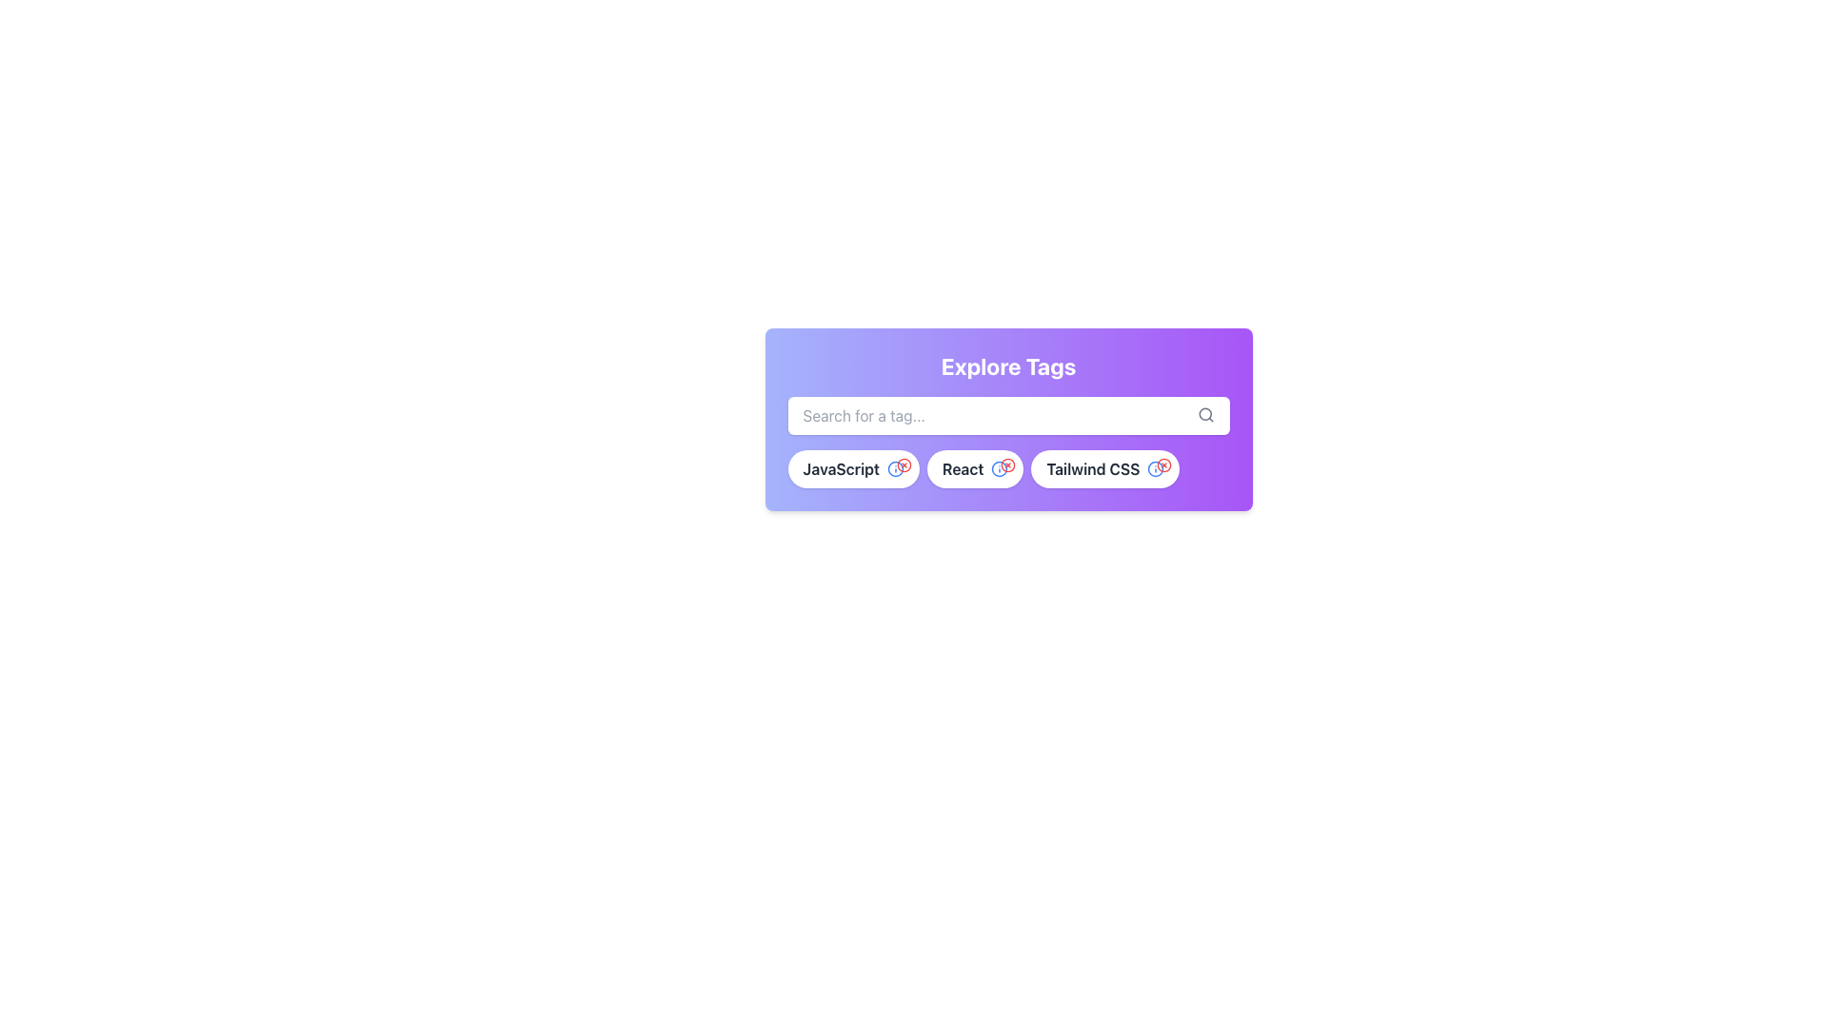 The width and height of the screenshot is (1828, 1028). Describe the element at coordinates (852, 469) in the screenshot. I see `the 'JavaScript' tag component, which is the first item in a horizontal list of tag-like buttons` at that location.